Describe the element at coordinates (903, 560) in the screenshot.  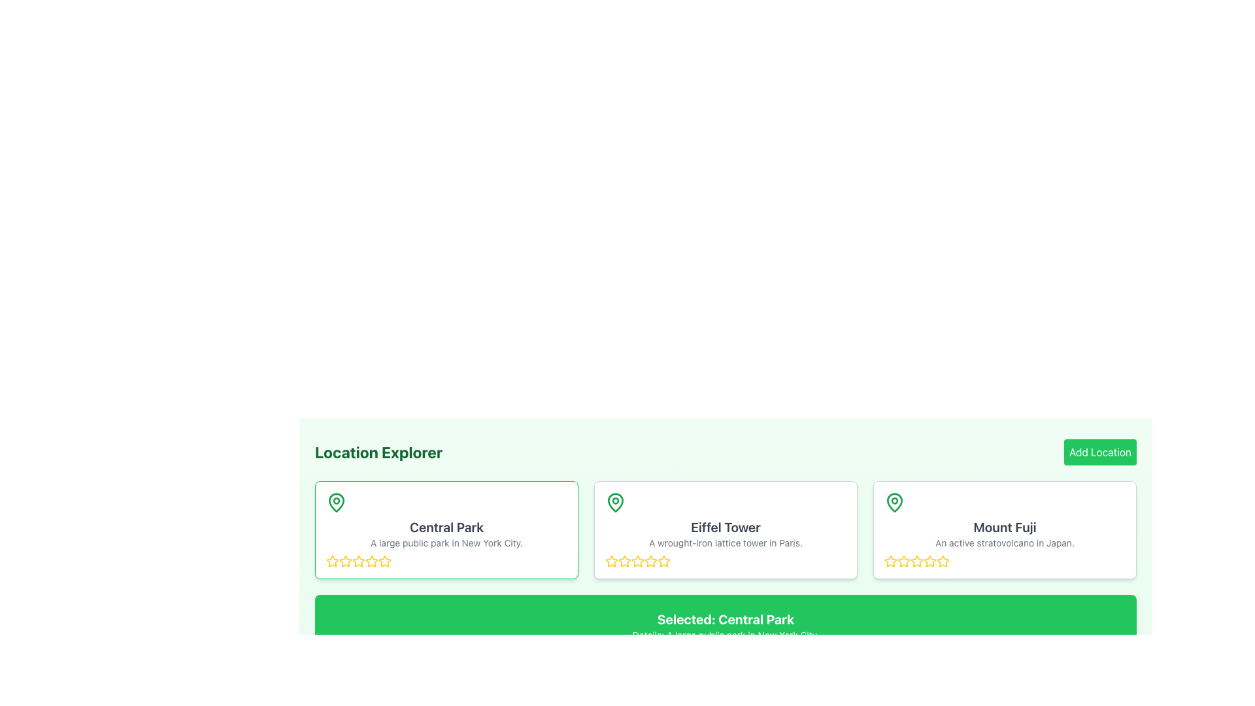
I see `the third star icon in the rating system beneath the 'Mount Fuji' information card` at that location.